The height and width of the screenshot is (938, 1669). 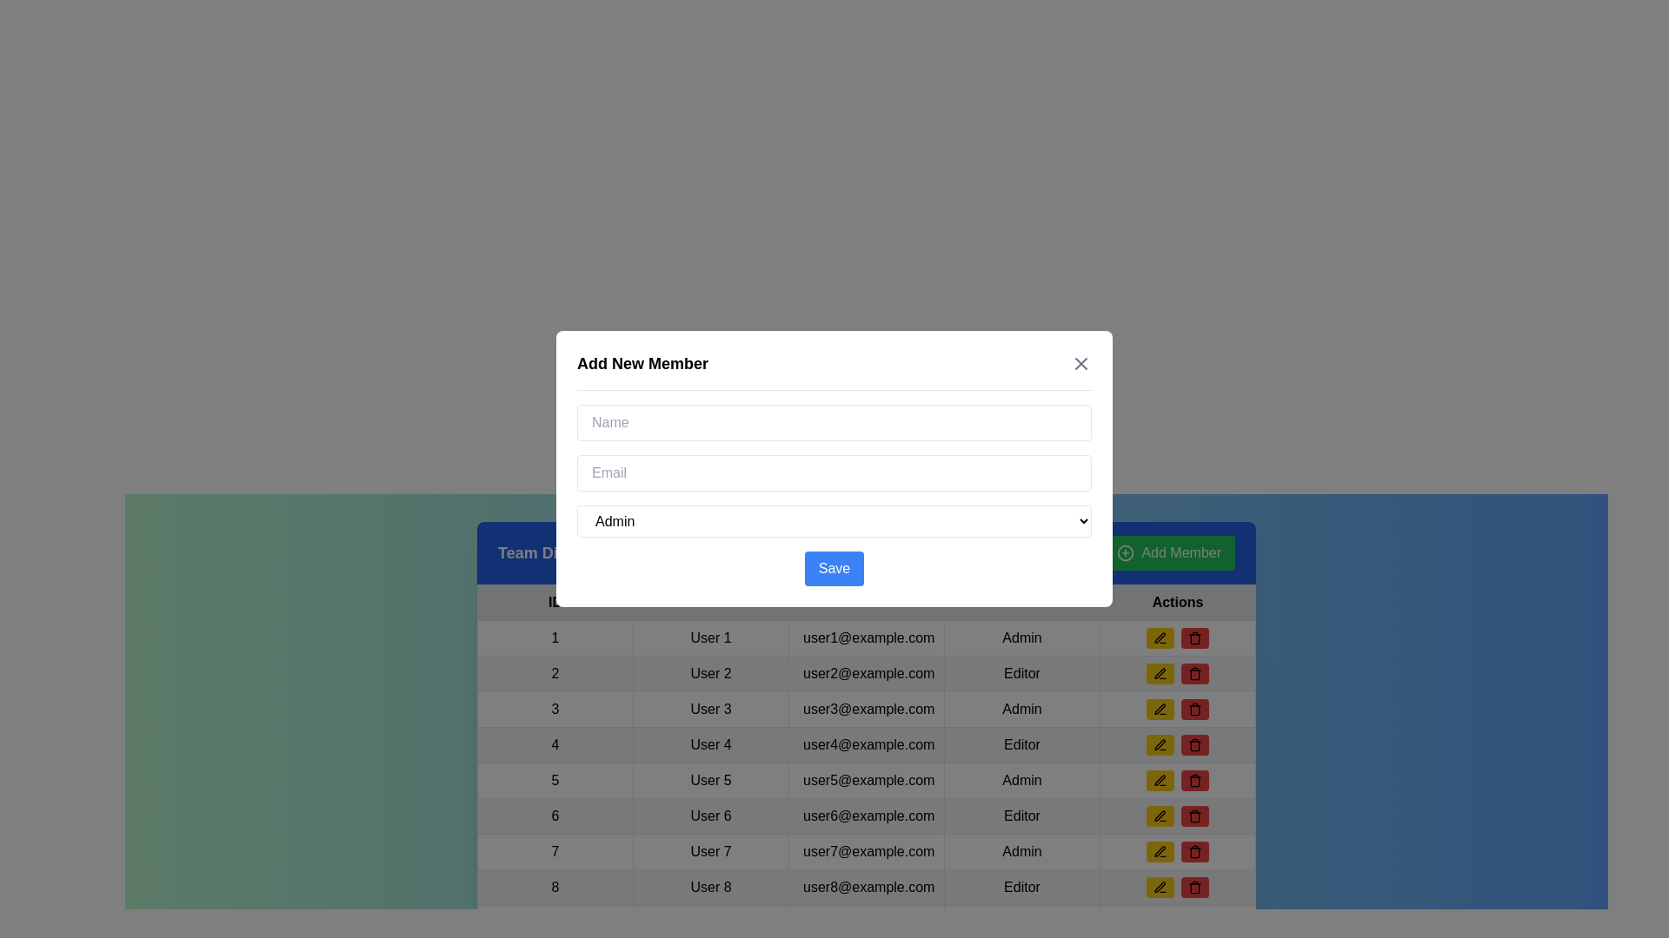 What do you see at coordinates (1080, 363) in the screenshot?
I see `the Close button located at the top-right corner of the 'Add New Member' modal dialog to potentially reveal hover effects` at bounding box center [1080, 363].